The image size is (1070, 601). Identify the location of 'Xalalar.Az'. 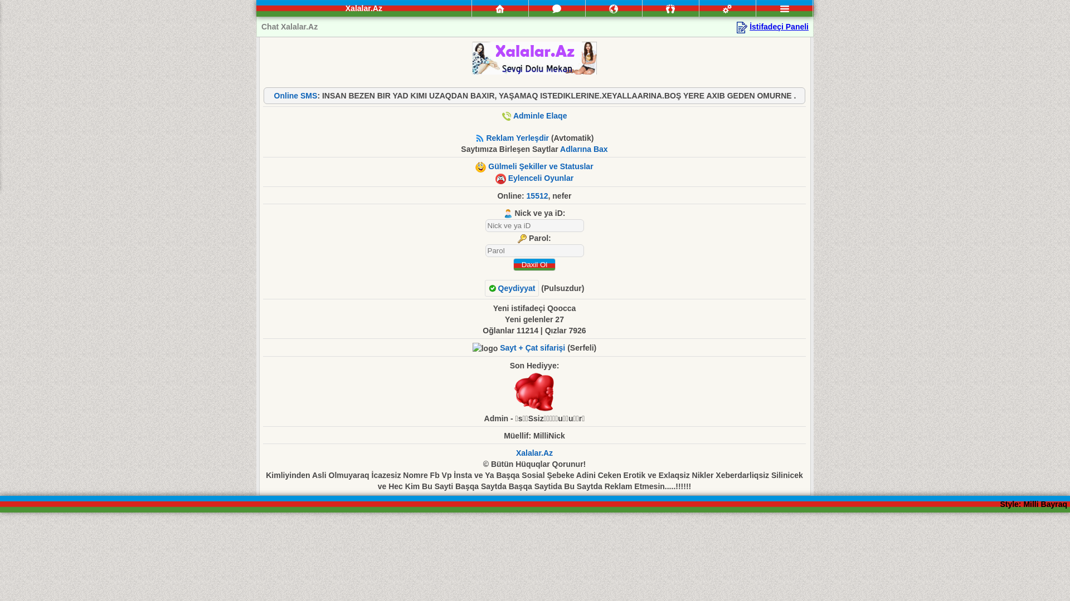
(534, 452).